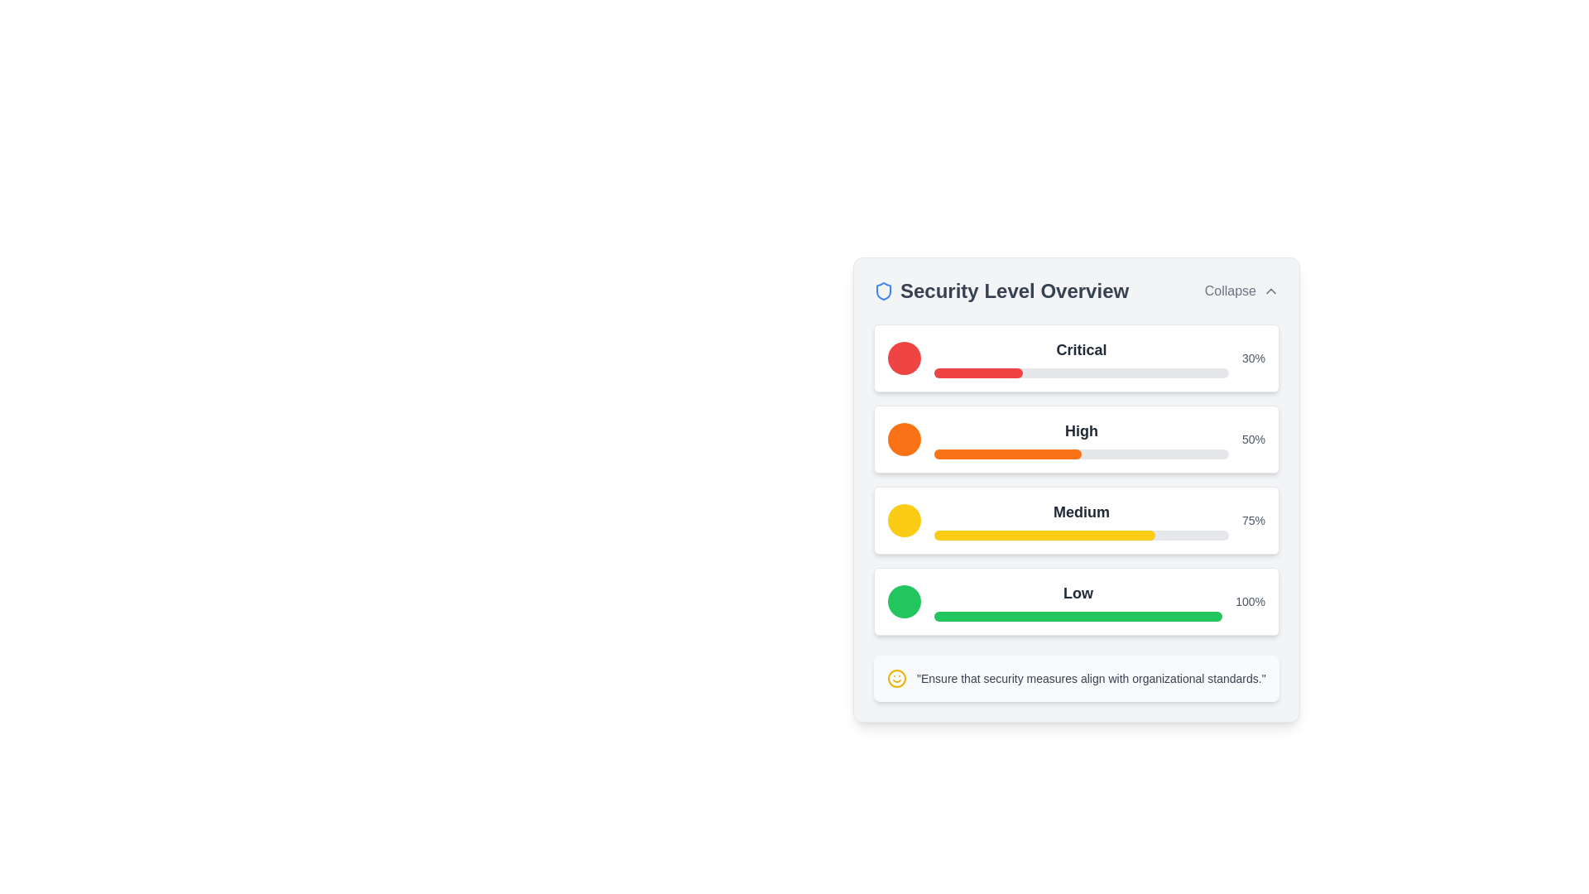 This screenshot has height=894, width=1589. What do you see at coordinates (978, 373) in the screenshot?
I see `the progress bar component that visually represents a 30% 'Critical' security level within the 'Security Level Overview' panel` at bounding box center [978, 373].